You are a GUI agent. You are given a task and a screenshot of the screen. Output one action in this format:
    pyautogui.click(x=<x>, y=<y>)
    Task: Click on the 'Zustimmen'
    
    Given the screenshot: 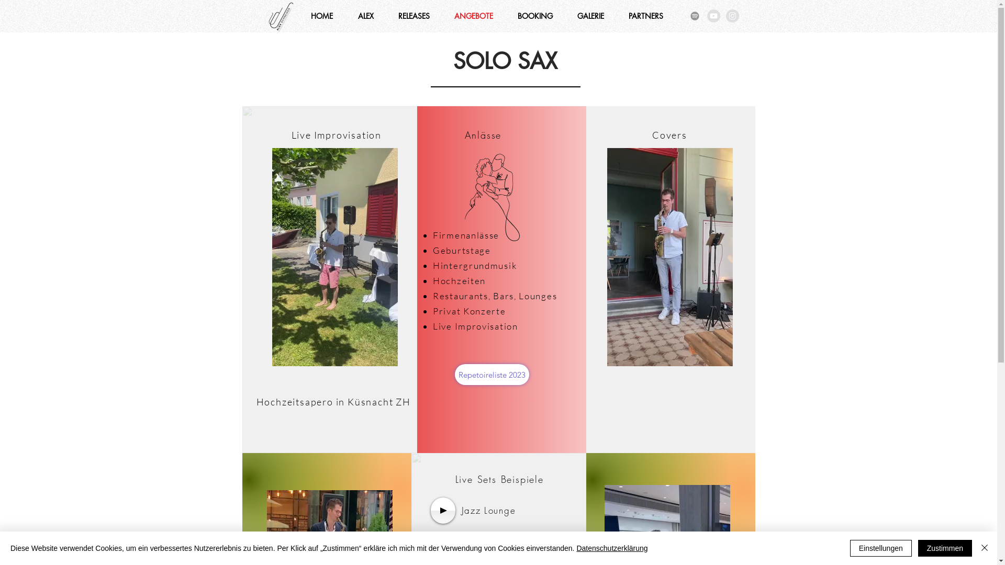 What is the action you would take?
    pyautogui.click(x=945, y=548)
    